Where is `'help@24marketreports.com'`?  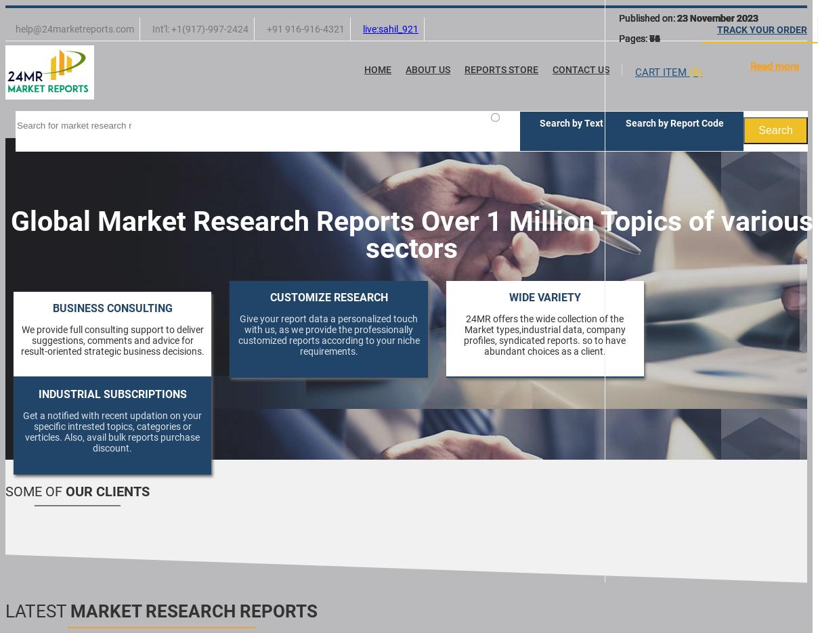 'help@24marketreports.com' is located at coordinates (74, 28).